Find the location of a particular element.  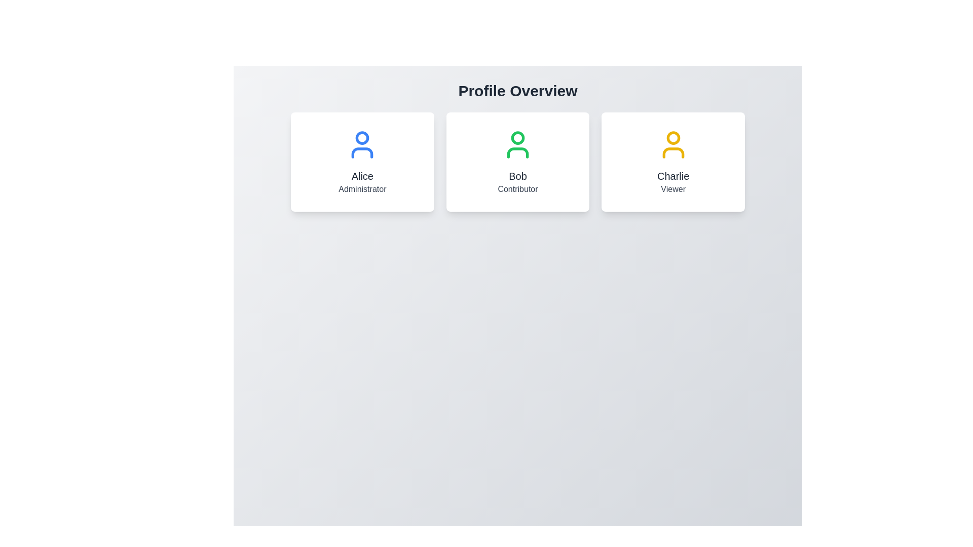

the lower figure within the user icon in the center of the card labeled 'Bob' is located at coordinates (518, 152).